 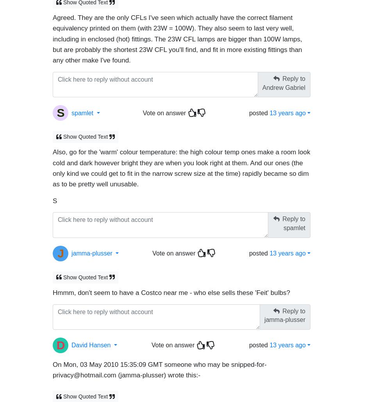 What do you see at coordinates (61, 341) in the screenshot?
I see `'D'` at bounding box center [61, 341].